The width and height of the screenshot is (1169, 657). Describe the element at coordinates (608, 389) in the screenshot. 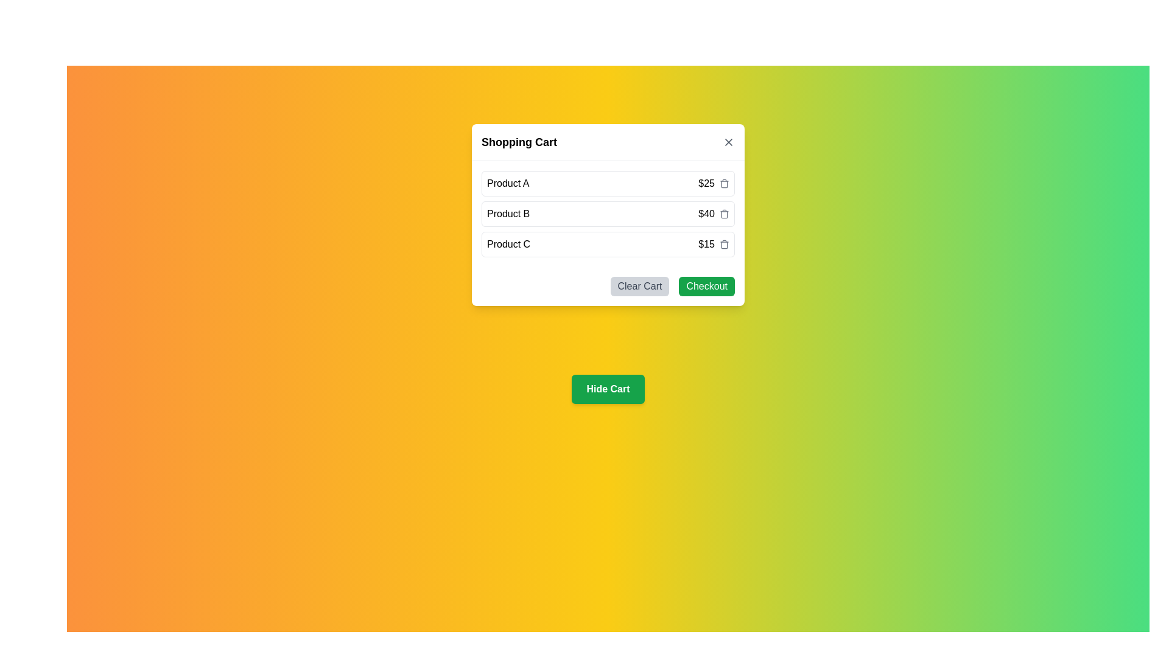

I see `the 'Hide Cart' button, which is a rectangular button with a green background and white text, positioned beneath the shopping cart panel` at that location.